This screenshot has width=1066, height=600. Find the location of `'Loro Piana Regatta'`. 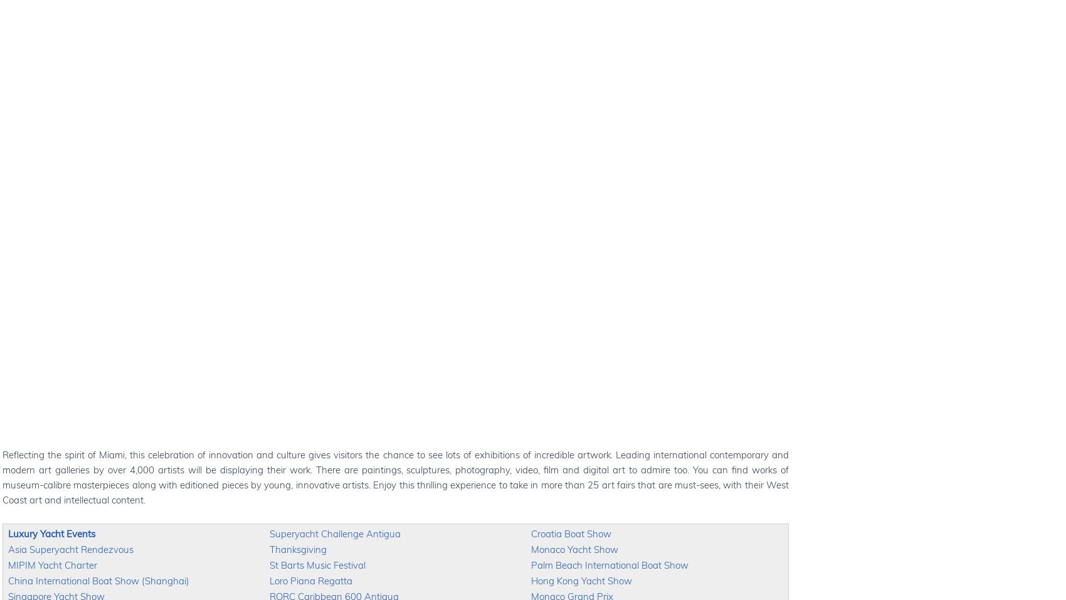

'Loro Piana Regatta' is located at coordinates (311, 581).